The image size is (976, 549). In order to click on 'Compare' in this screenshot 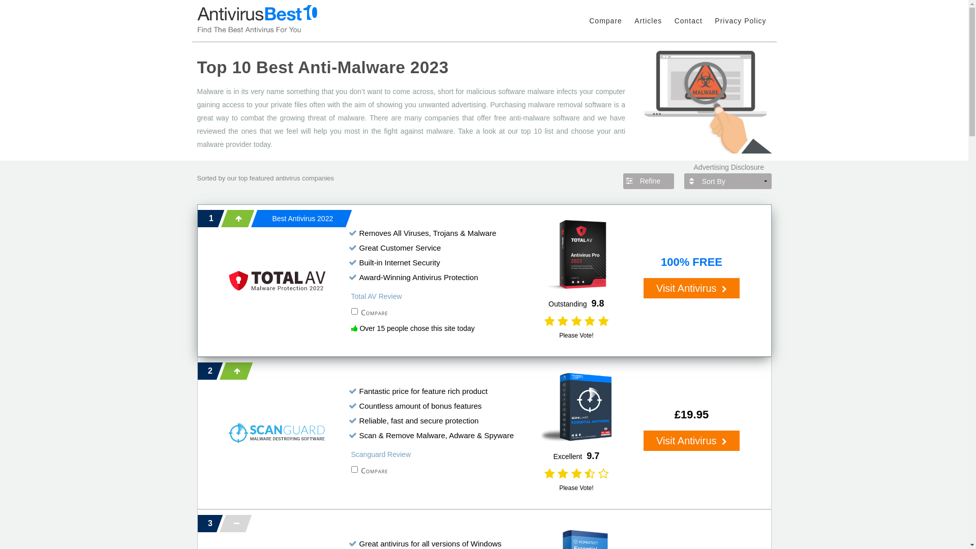, I will do `click(605, 25)`.